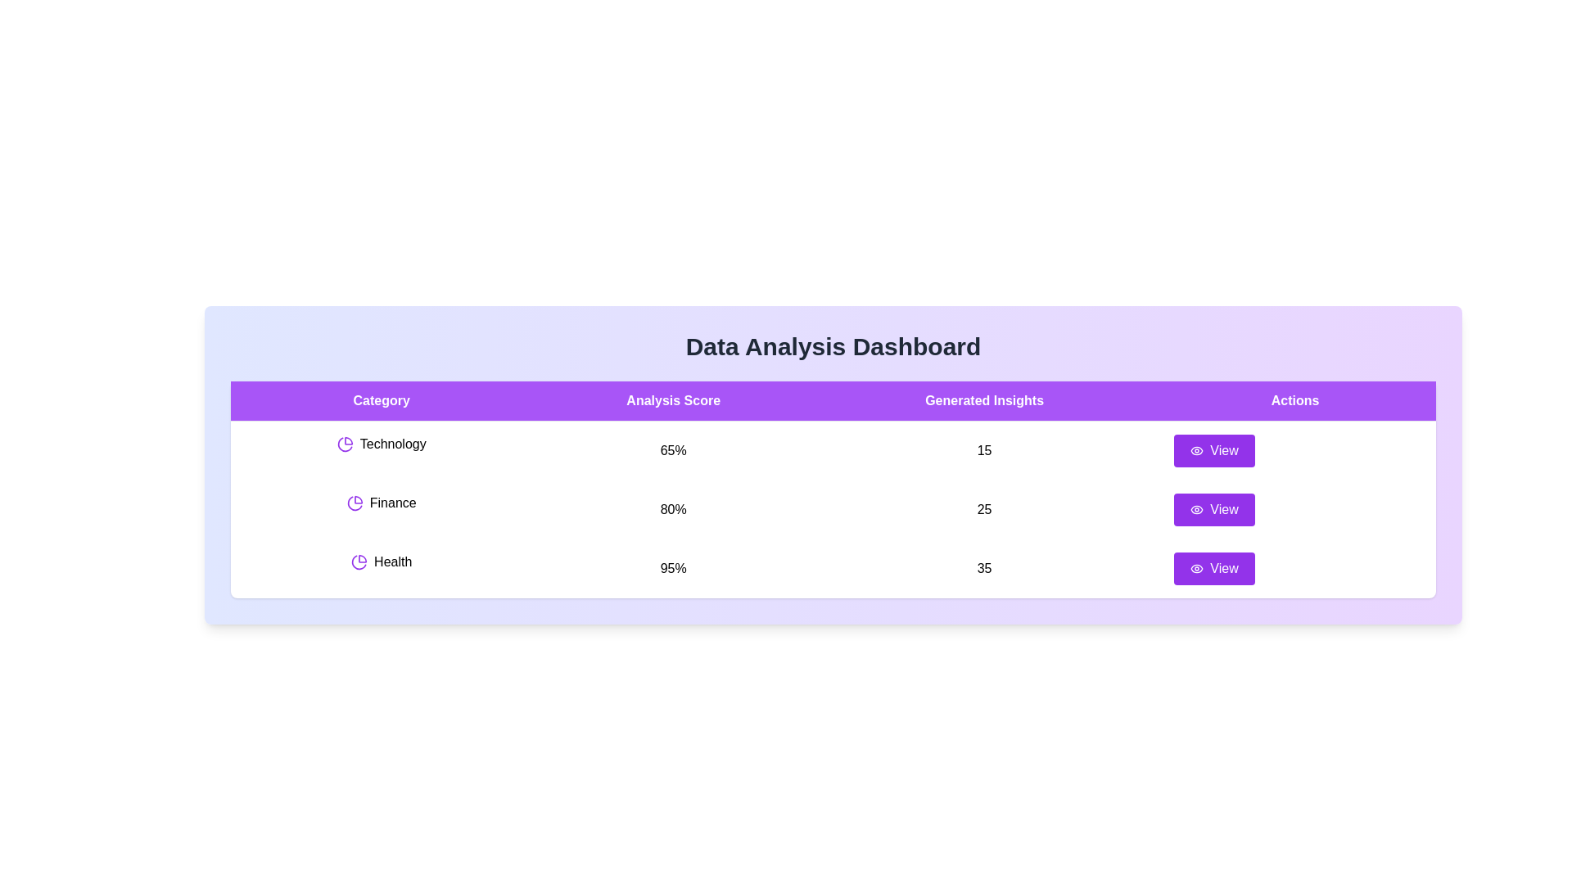 Image resolution: width=1572 pixels, height=884 pixels. What do you see at coordinates (1214, 509) in the screenshot?
I see `'View' button for the row corresponding to Finance` at bounding box center [1214, 509].